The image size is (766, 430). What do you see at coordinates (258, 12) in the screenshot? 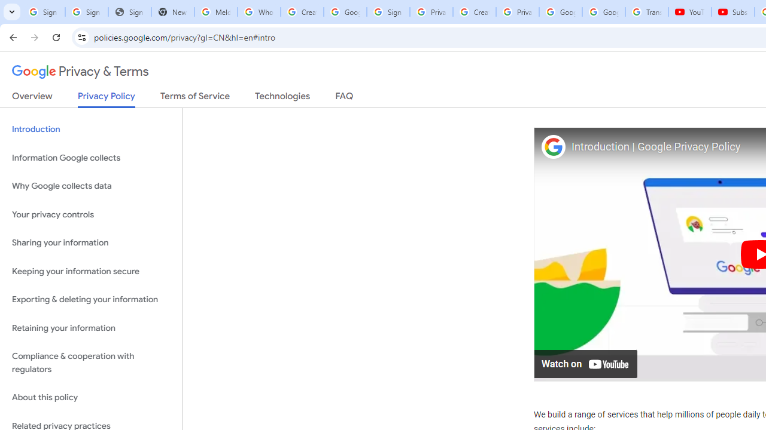
I see `'Who is my administrator? - Google Account Help'` at bounding box center [258, 12].